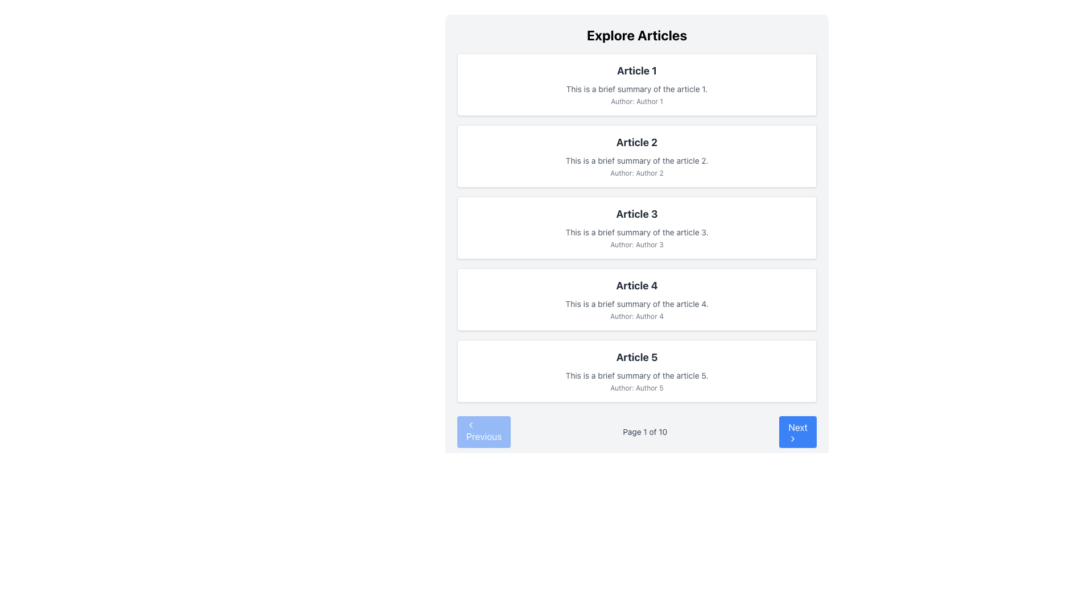  I want to click on concise summary text element located below the title 'Article 2' and above the author credit 'Author: Author 2' in the second article's content card, so click(636, 160).